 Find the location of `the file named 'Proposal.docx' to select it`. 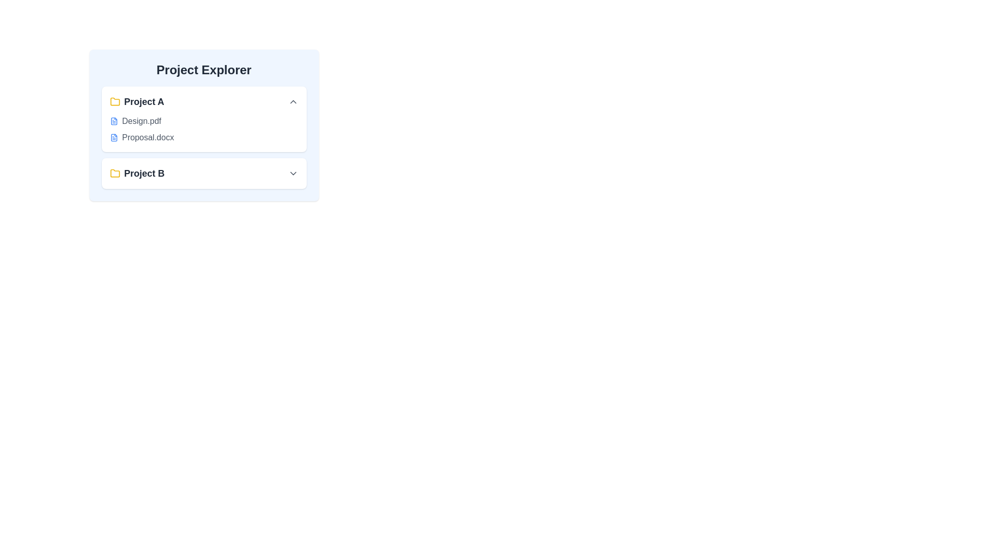

the file named 'Proposal.docx' to select it is located at coordinates (147, 137).